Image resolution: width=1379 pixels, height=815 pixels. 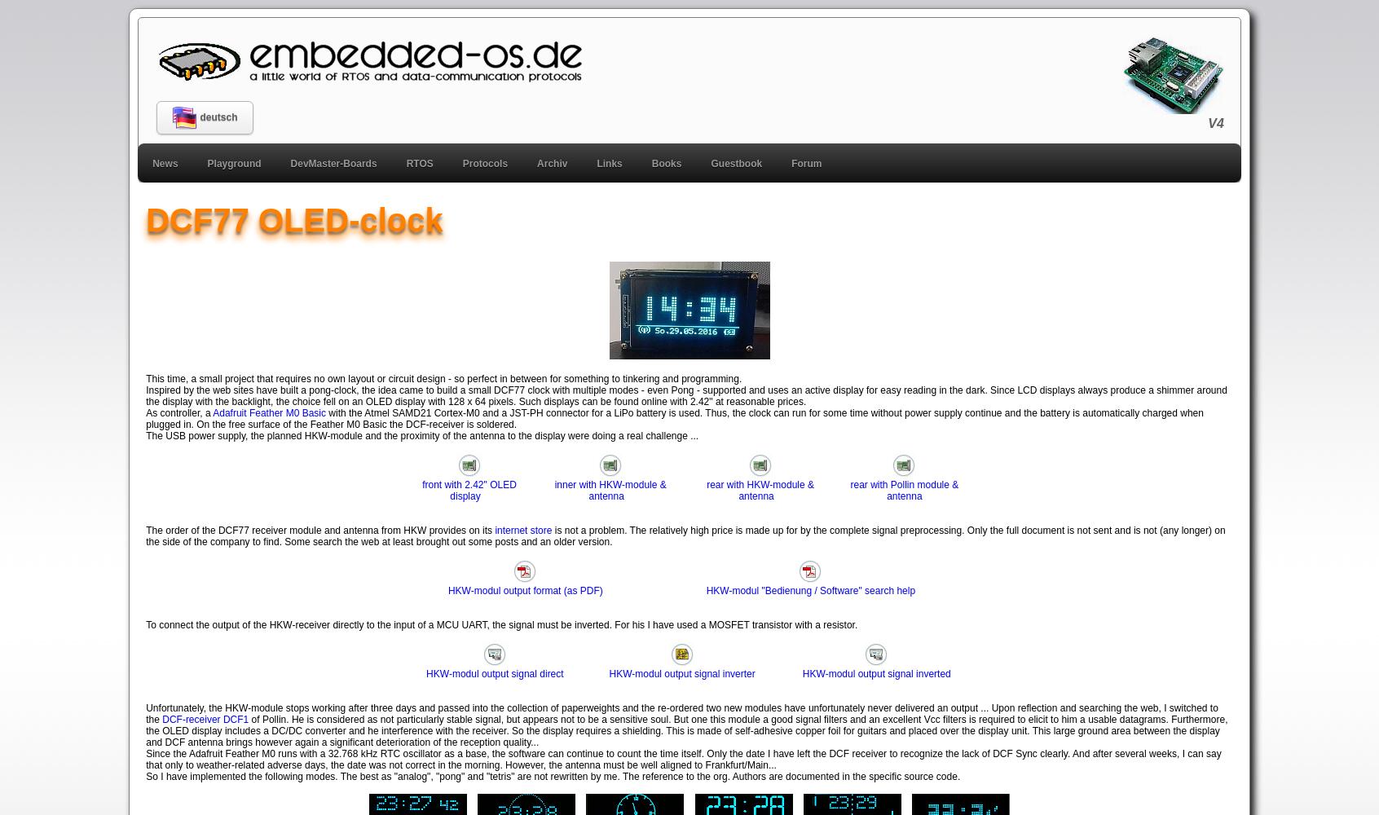 I want to click on 'deutsch', so click(x=217, y=117).